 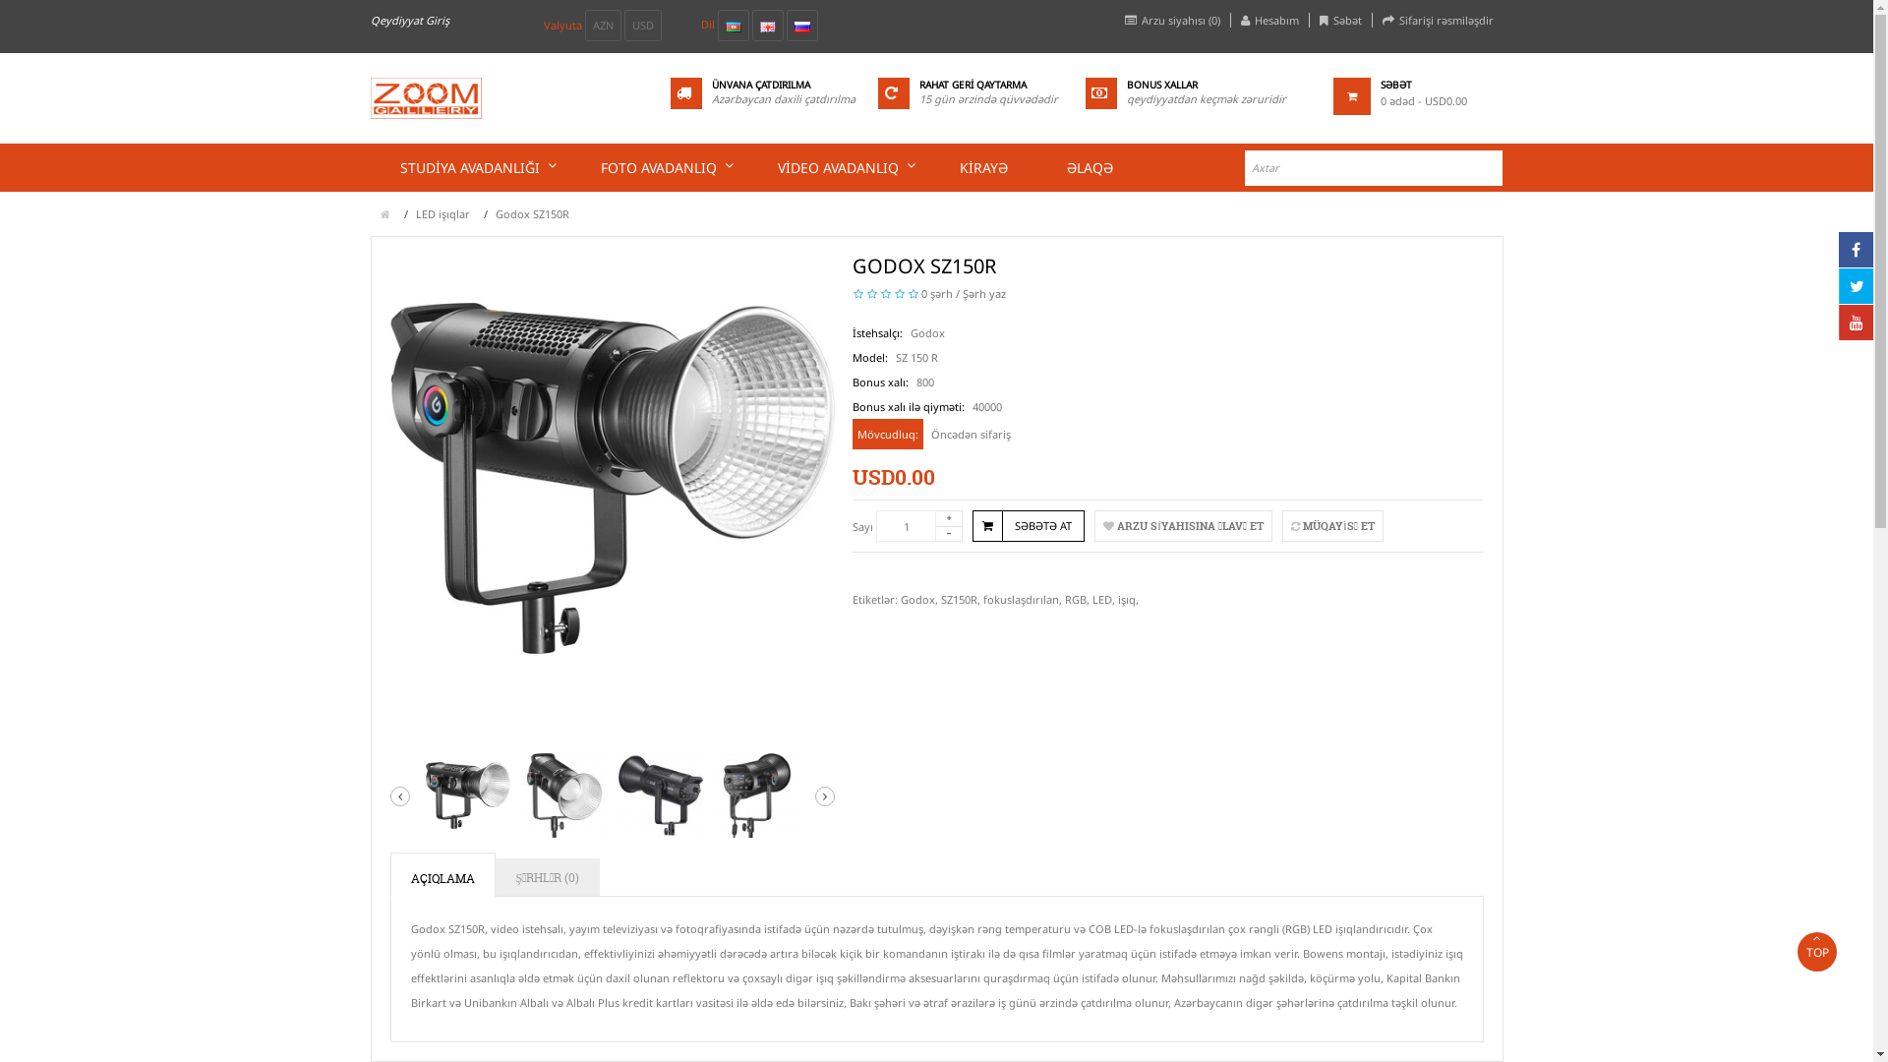 What do you see at coordinates (1816, 951) in the screenshot?
I see `'TOP'` at bounding box center [1816, 951].